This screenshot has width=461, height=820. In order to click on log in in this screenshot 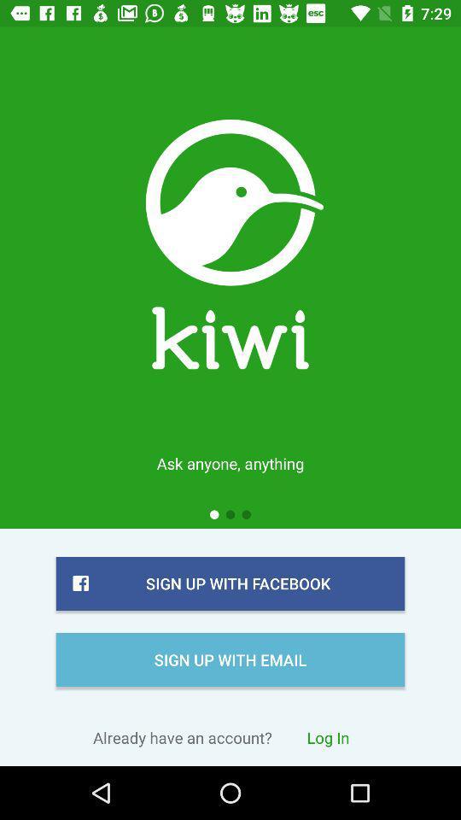, I will do `click(328, 736)`.